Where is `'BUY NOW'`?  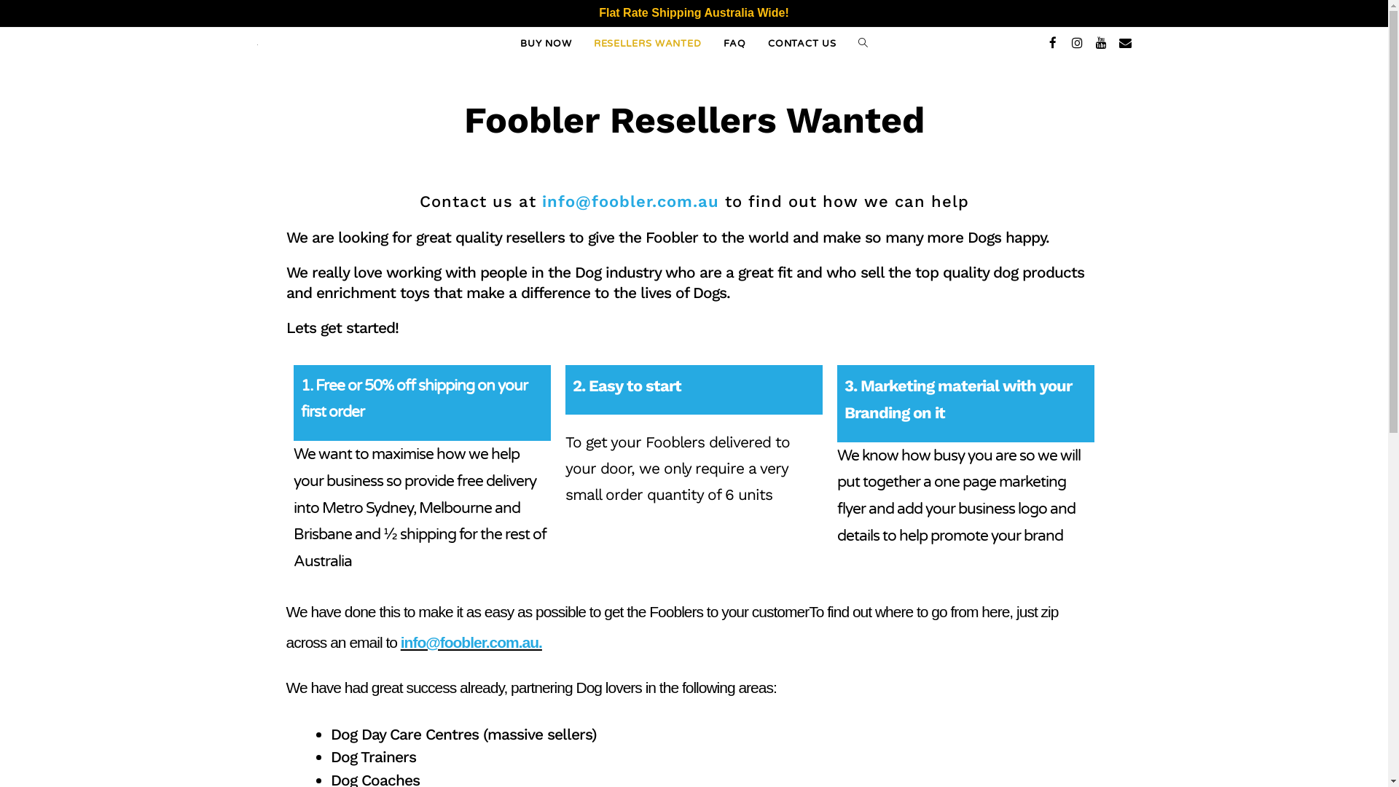 'BUY NOW' is located at coordinates (544, 43).